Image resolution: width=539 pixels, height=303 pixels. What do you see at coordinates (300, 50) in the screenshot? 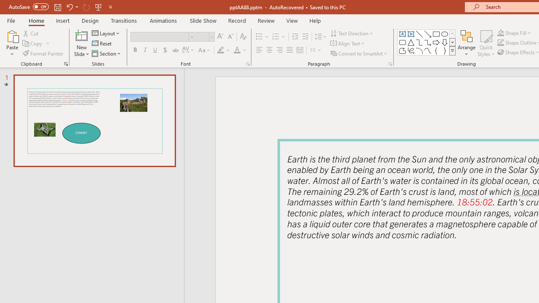
I see `'Distributed'` at bounding box center [300, 50].